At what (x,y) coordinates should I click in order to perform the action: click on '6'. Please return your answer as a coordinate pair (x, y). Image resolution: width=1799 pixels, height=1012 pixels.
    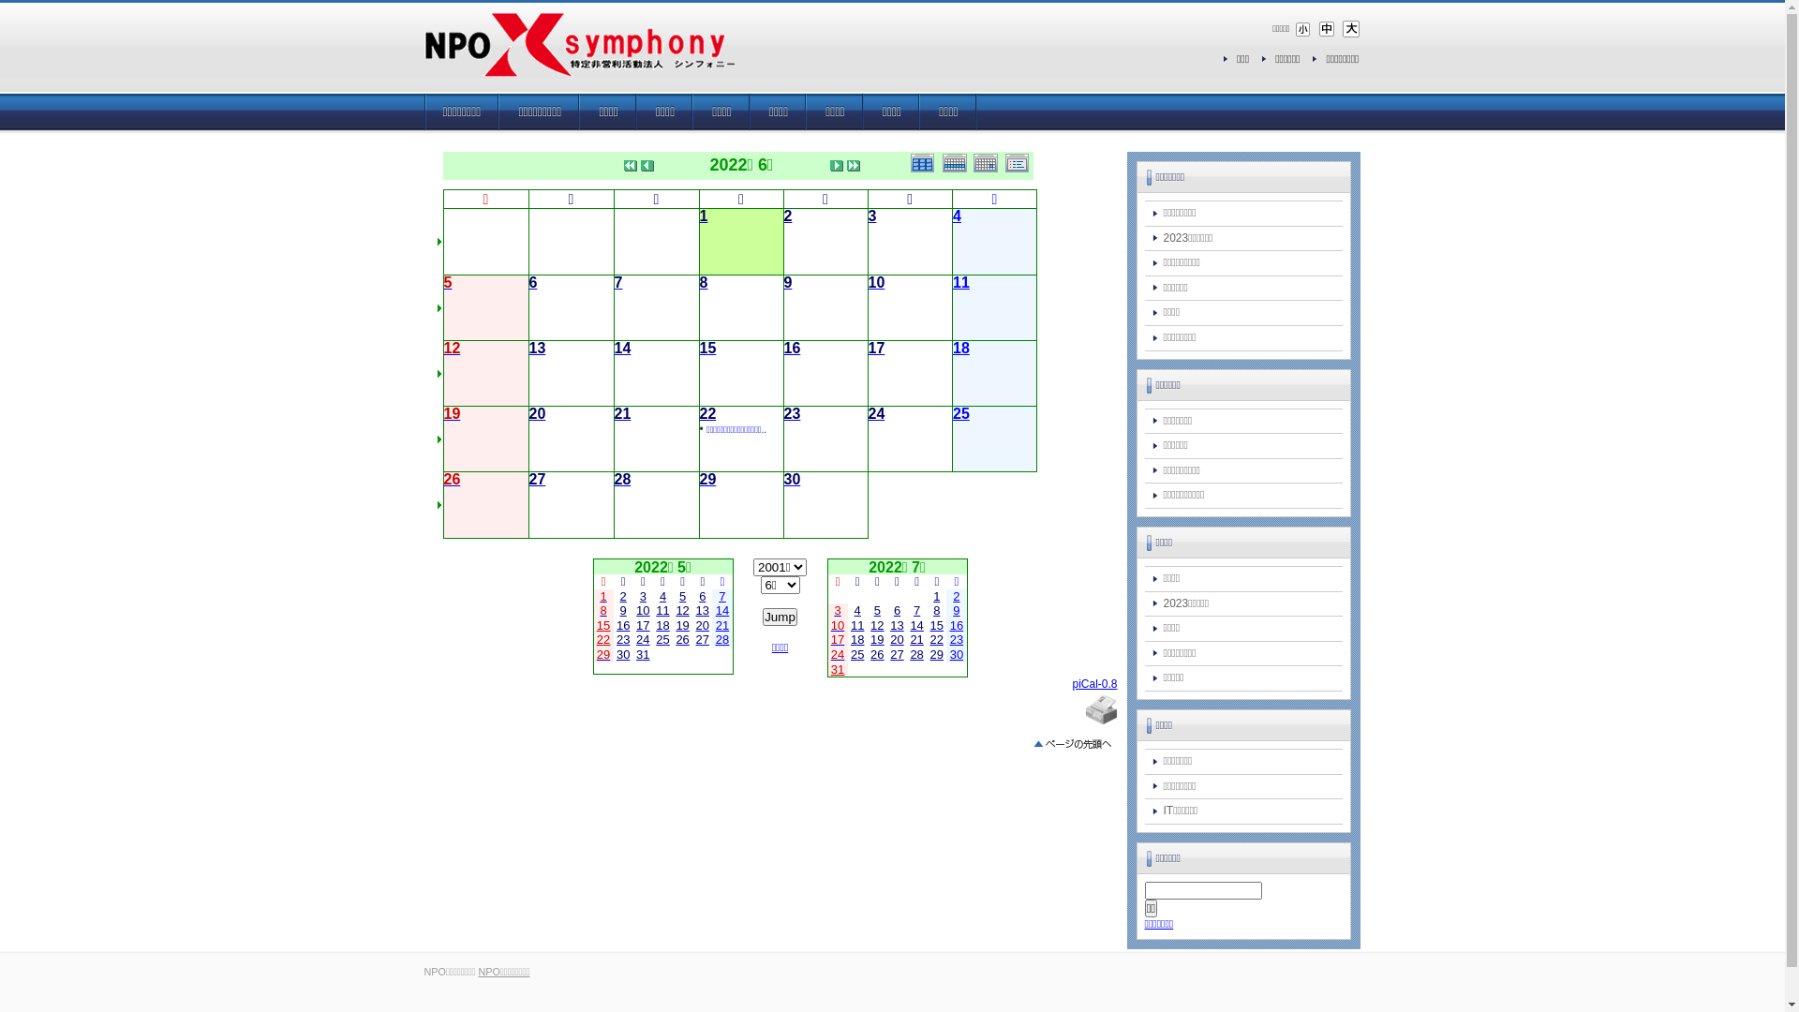
    Looking at the image, I should click on (531, 284).